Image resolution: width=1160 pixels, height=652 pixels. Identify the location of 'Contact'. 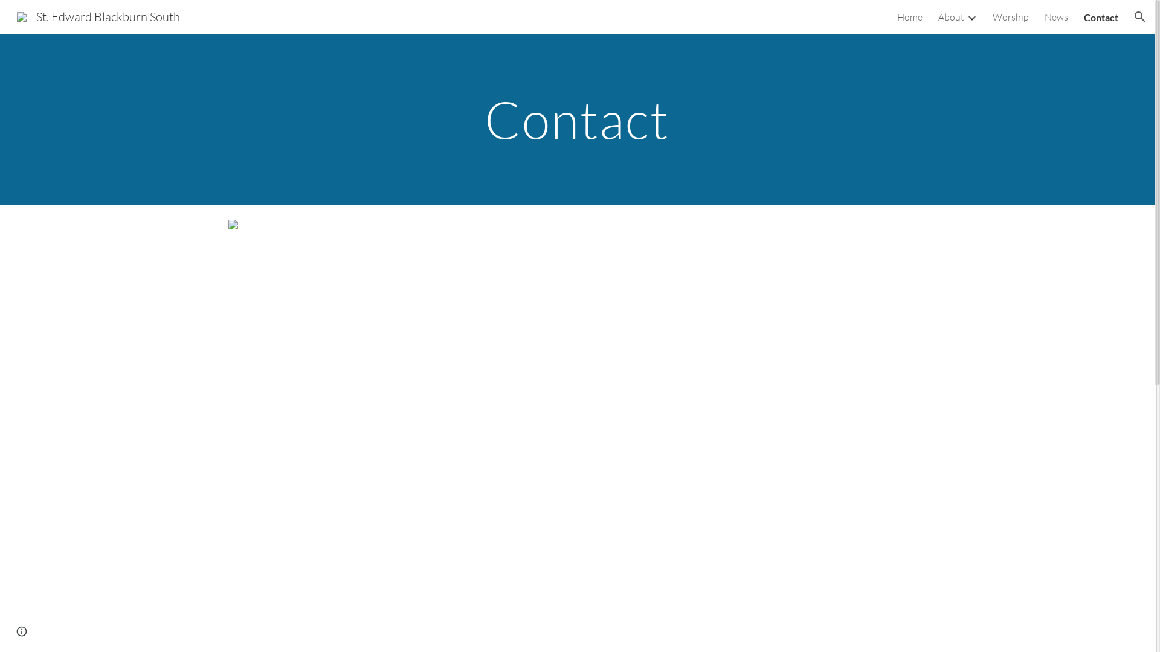
(1101, 16).